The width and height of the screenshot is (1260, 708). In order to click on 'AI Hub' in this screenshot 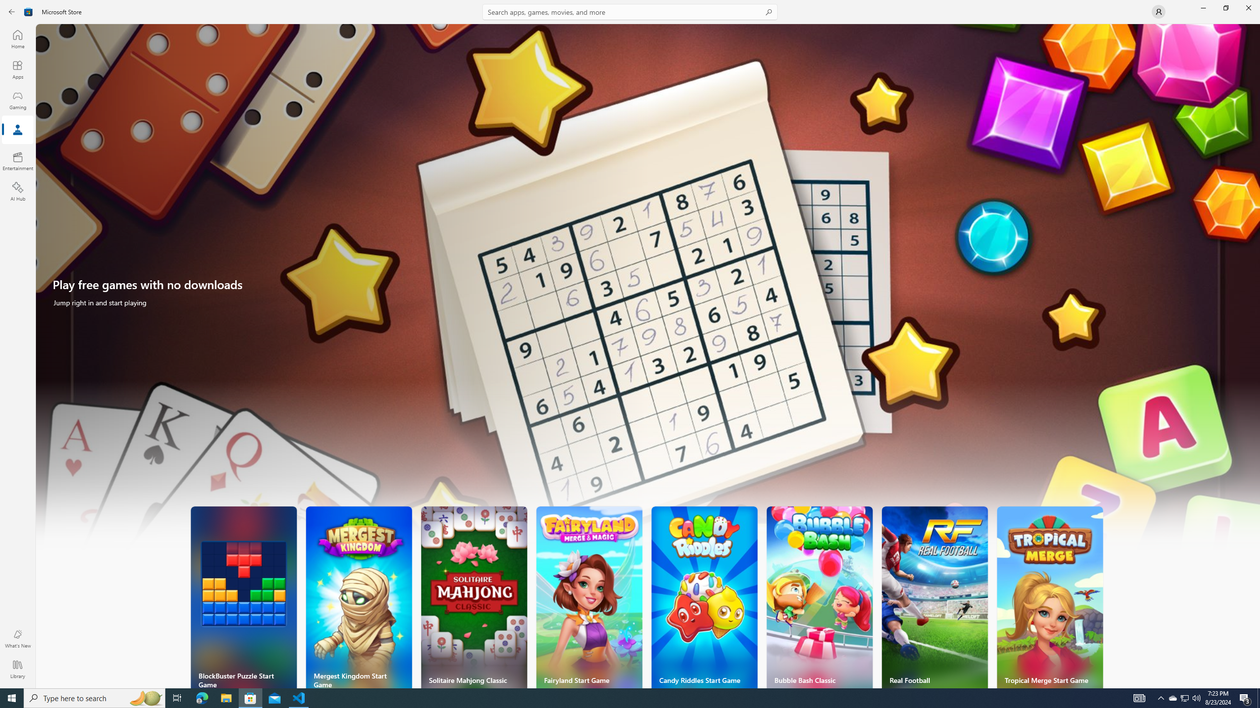, I will do `click(17, 191)`.